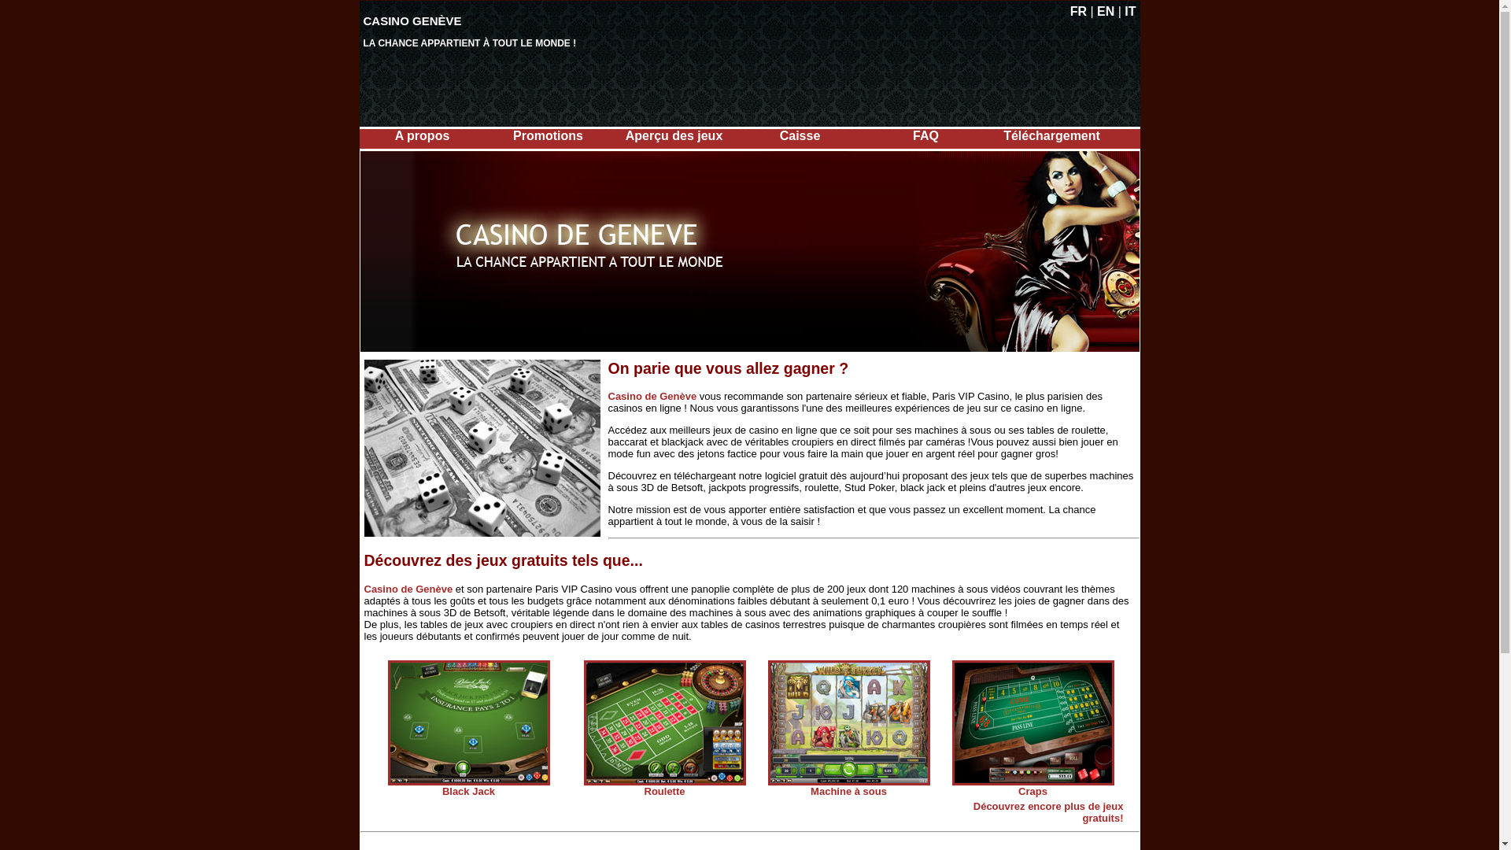 The image size is (1511, 850). Describe the element at coordinates (800, 135) in the screenshot. I see `'Caisse'` at that location.